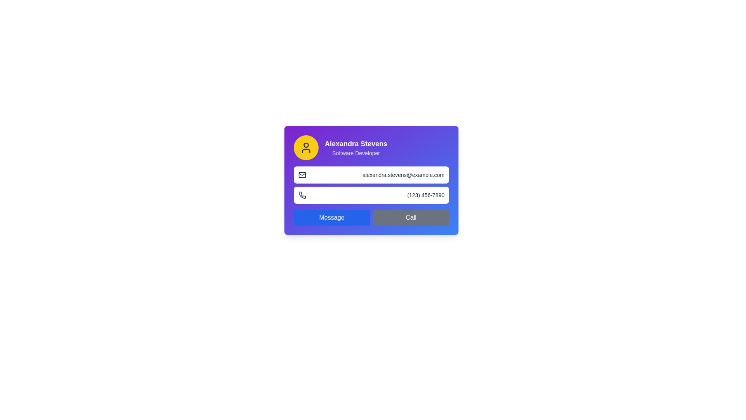 The height and width of the screenshot is (420, 746). I want to click on the call initiation button located in the lower-right section of the card-like interface to observe styling changes, so click(410, 217).